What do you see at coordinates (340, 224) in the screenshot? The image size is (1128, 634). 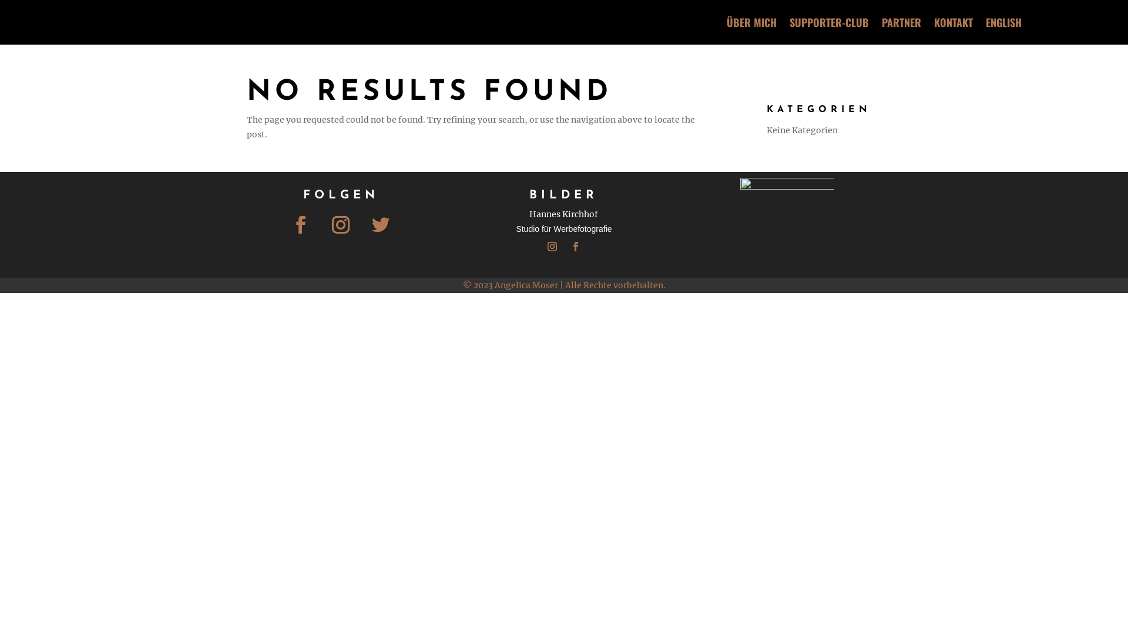 I see `'Follow on Instagram'` at bounding box center [340, 224].